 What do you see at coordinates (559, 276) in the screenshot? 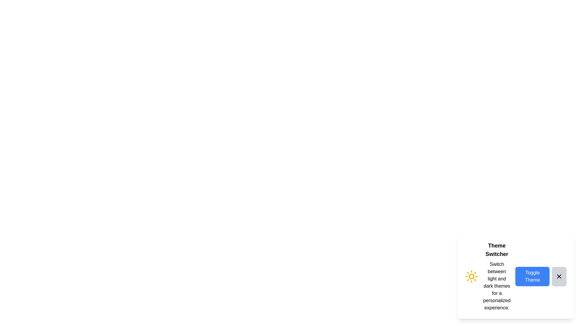
I see `the close button (X) of the snackbar to dismiss it` at bounding box center [559, 276].